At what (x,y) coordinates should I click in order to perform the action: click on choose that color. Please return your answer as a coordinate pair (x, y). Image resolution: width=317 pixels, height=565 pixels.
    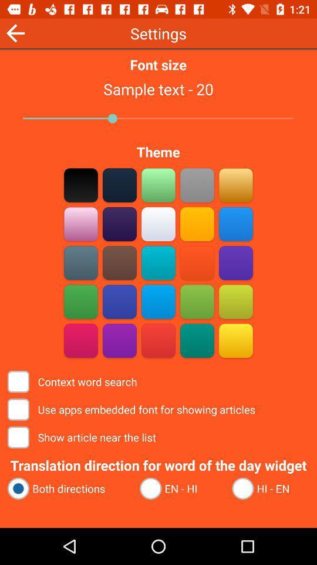
    Looking at the image, I should click on (197, 185).